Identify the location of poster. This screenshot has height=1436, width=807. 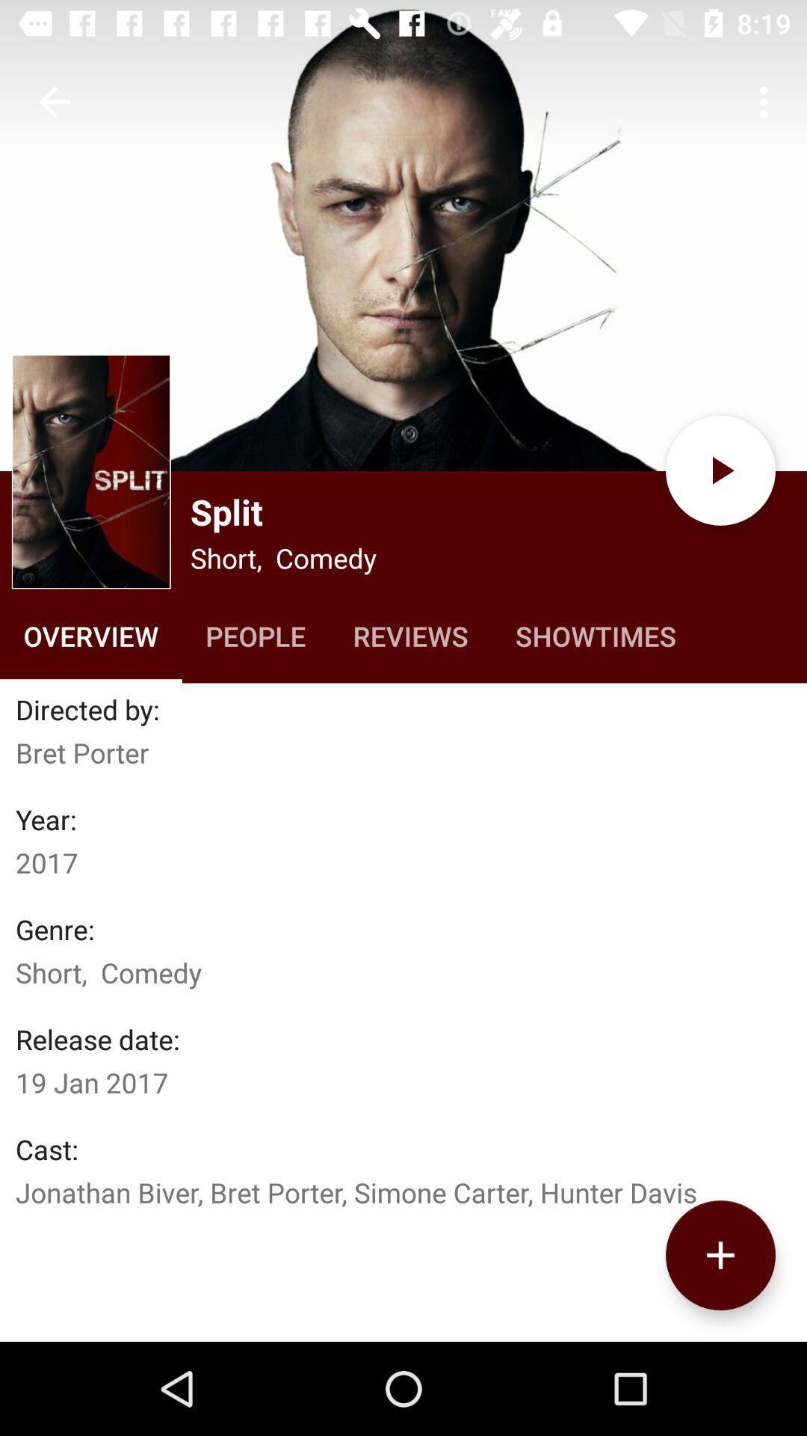
(403, 235).